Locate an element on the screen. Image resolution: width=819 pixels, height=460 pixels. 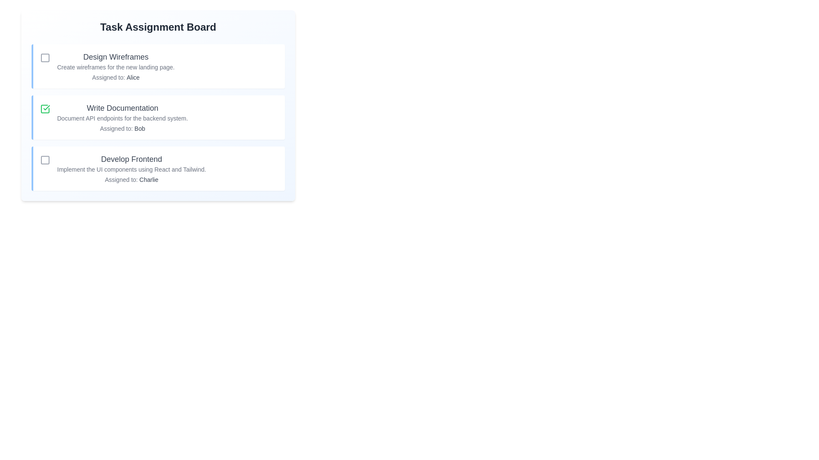
the text block titled 'Write Documentation', which contains a description about documenting API endpoints and is located in the Task Assignment Board, specifically positioned between 'Design Wireframes' and 'Develop Frontend' is located at coordinates (122, 118).